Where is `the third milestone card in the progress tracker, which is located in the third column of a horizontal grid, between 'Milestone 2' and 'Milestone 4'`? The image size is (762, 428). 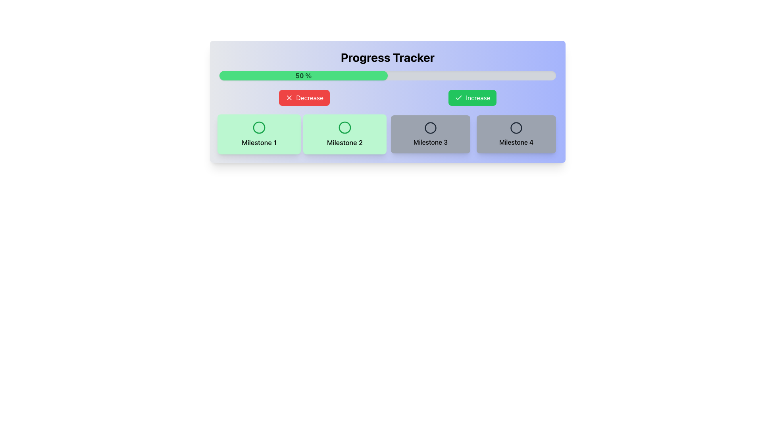 the third milestone card in the progress tracker, which is located in the third column of a horizontal grid, between 'Milestone 2' and 'Milestone 4' is located at coordinates (430, 134).